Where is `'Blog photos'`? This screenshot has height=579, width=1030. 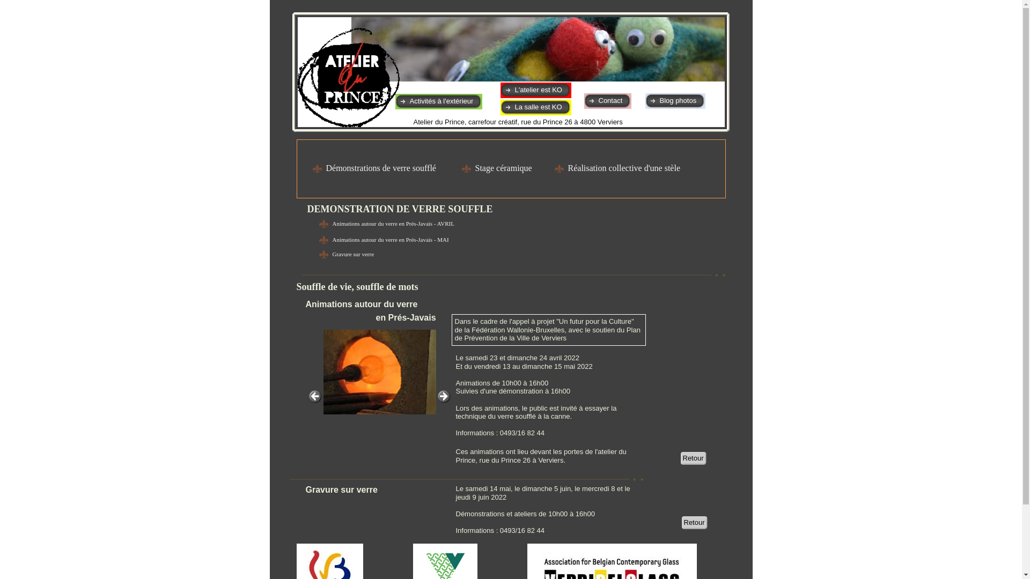 'Blog photos' is located at coordinates (678, 100).